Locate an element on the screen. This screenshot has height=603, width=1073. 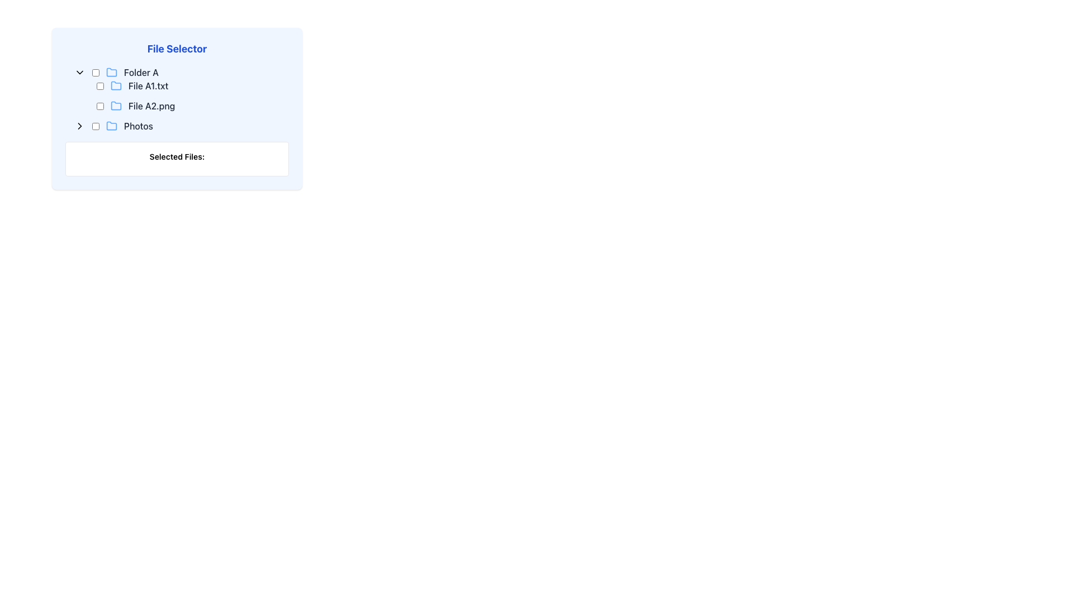
the checkbox associated with 'File A1.txt' to provide potential visual feedback is located at coordinates (100, 85).